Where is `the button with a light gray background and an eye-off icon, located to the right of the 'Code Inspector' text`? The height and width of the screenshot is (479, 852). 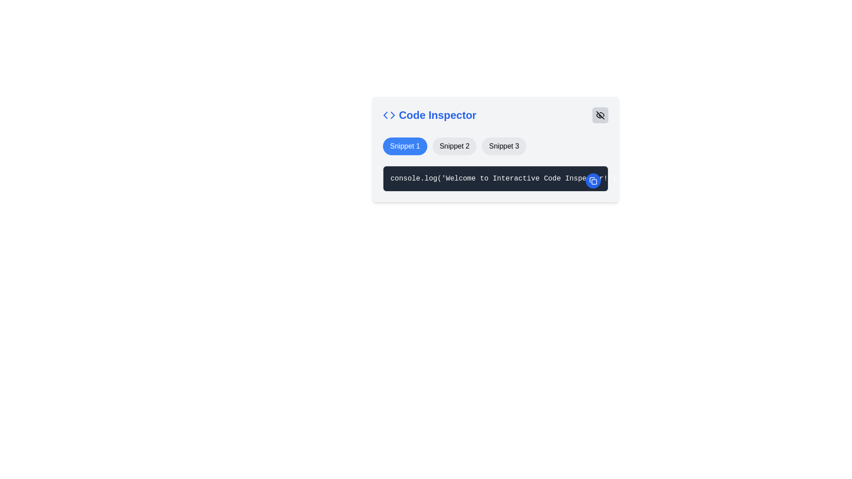 the button with a light gray background and an eye-off icon, located to the right of the 'Code Inspector' text is located at coordinates (600, 114).